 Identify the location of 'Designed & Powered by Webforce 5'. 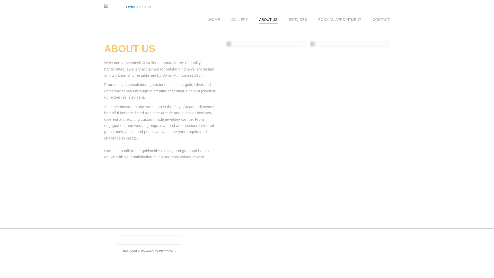
(149, 251).